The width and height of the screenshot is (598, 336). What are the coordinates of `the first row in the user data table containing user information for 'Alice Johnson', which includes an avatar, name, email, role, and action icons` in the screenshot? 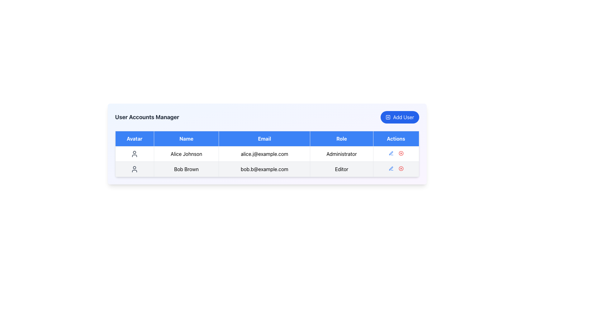 It's located at (267, 154).